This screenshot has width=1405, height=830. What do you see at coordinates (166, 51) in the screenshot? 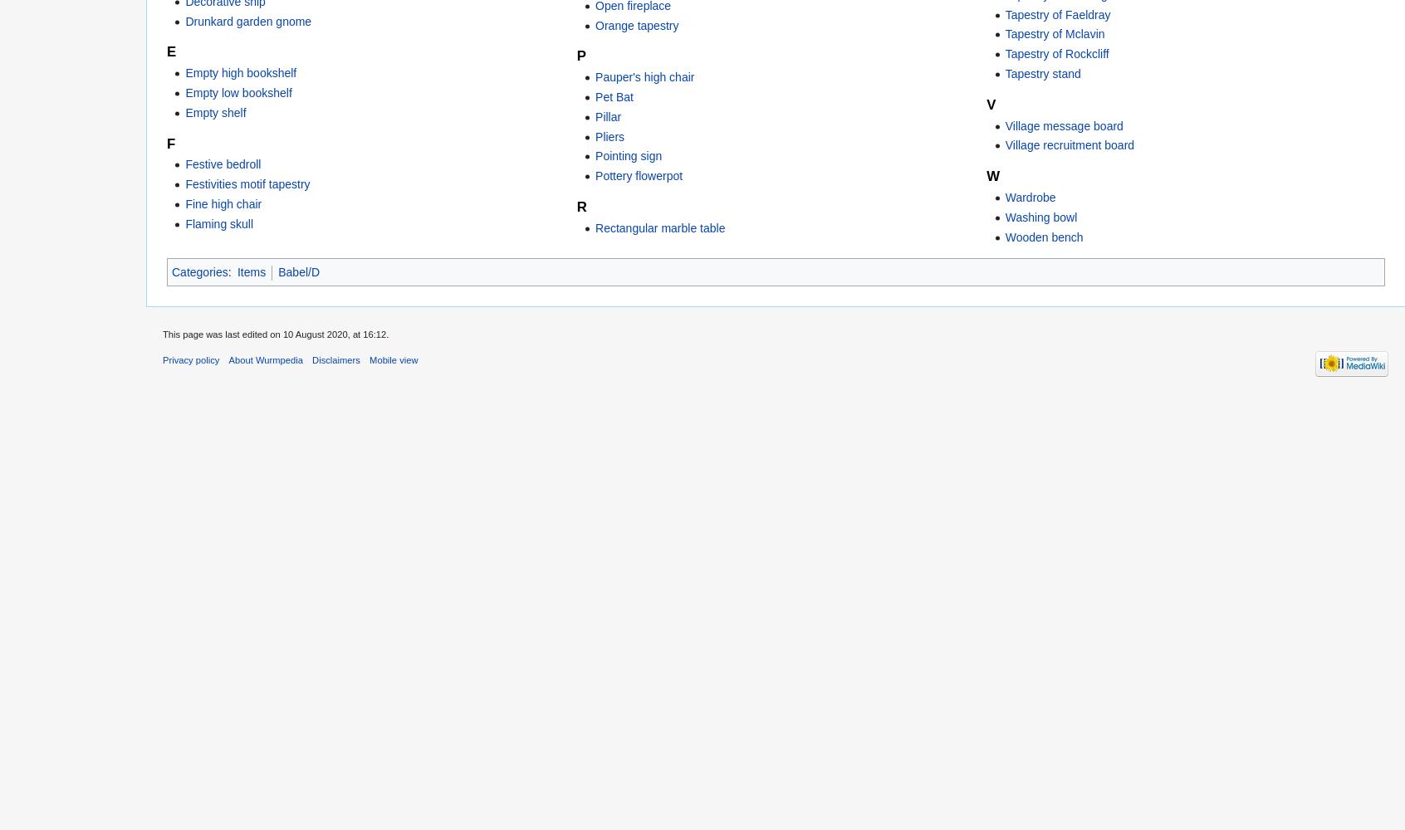
I see `'E'` at bounding box center [166, 51].